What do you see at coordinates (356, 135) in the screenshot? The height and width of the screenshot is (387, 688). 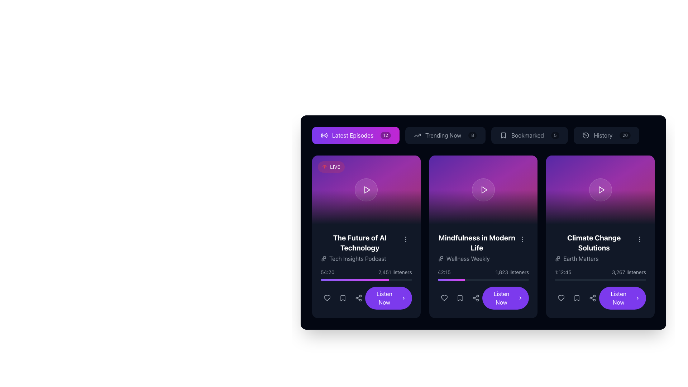 I see `the button that allows users` at bounding box center [356, 135].